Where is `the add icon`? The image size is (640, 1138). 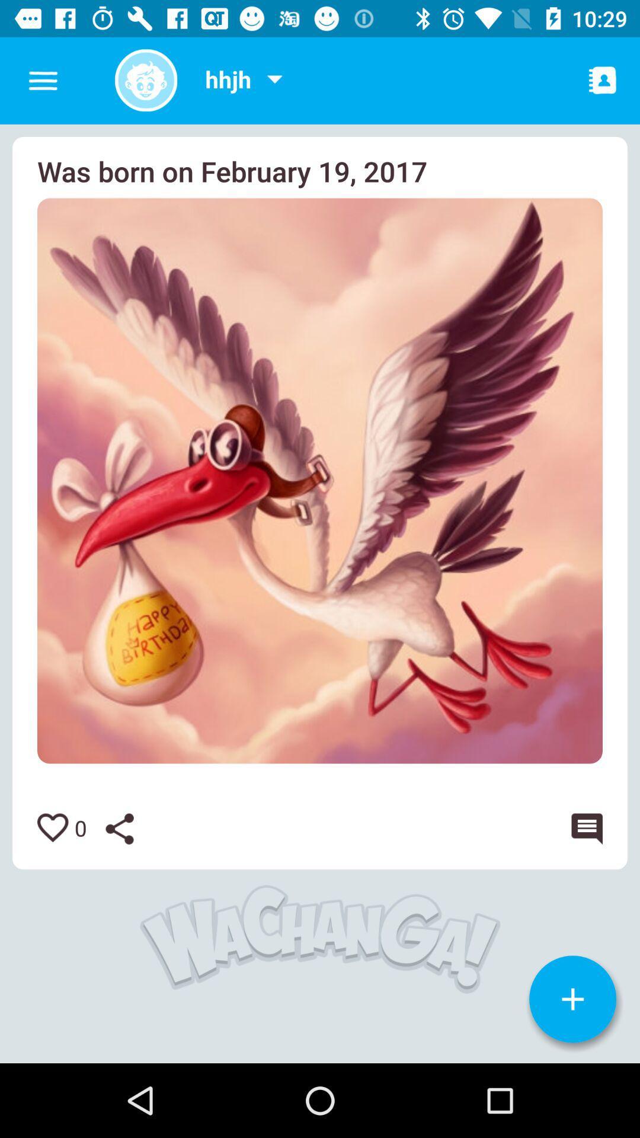 the add icon is located at coordinates (572, 998).